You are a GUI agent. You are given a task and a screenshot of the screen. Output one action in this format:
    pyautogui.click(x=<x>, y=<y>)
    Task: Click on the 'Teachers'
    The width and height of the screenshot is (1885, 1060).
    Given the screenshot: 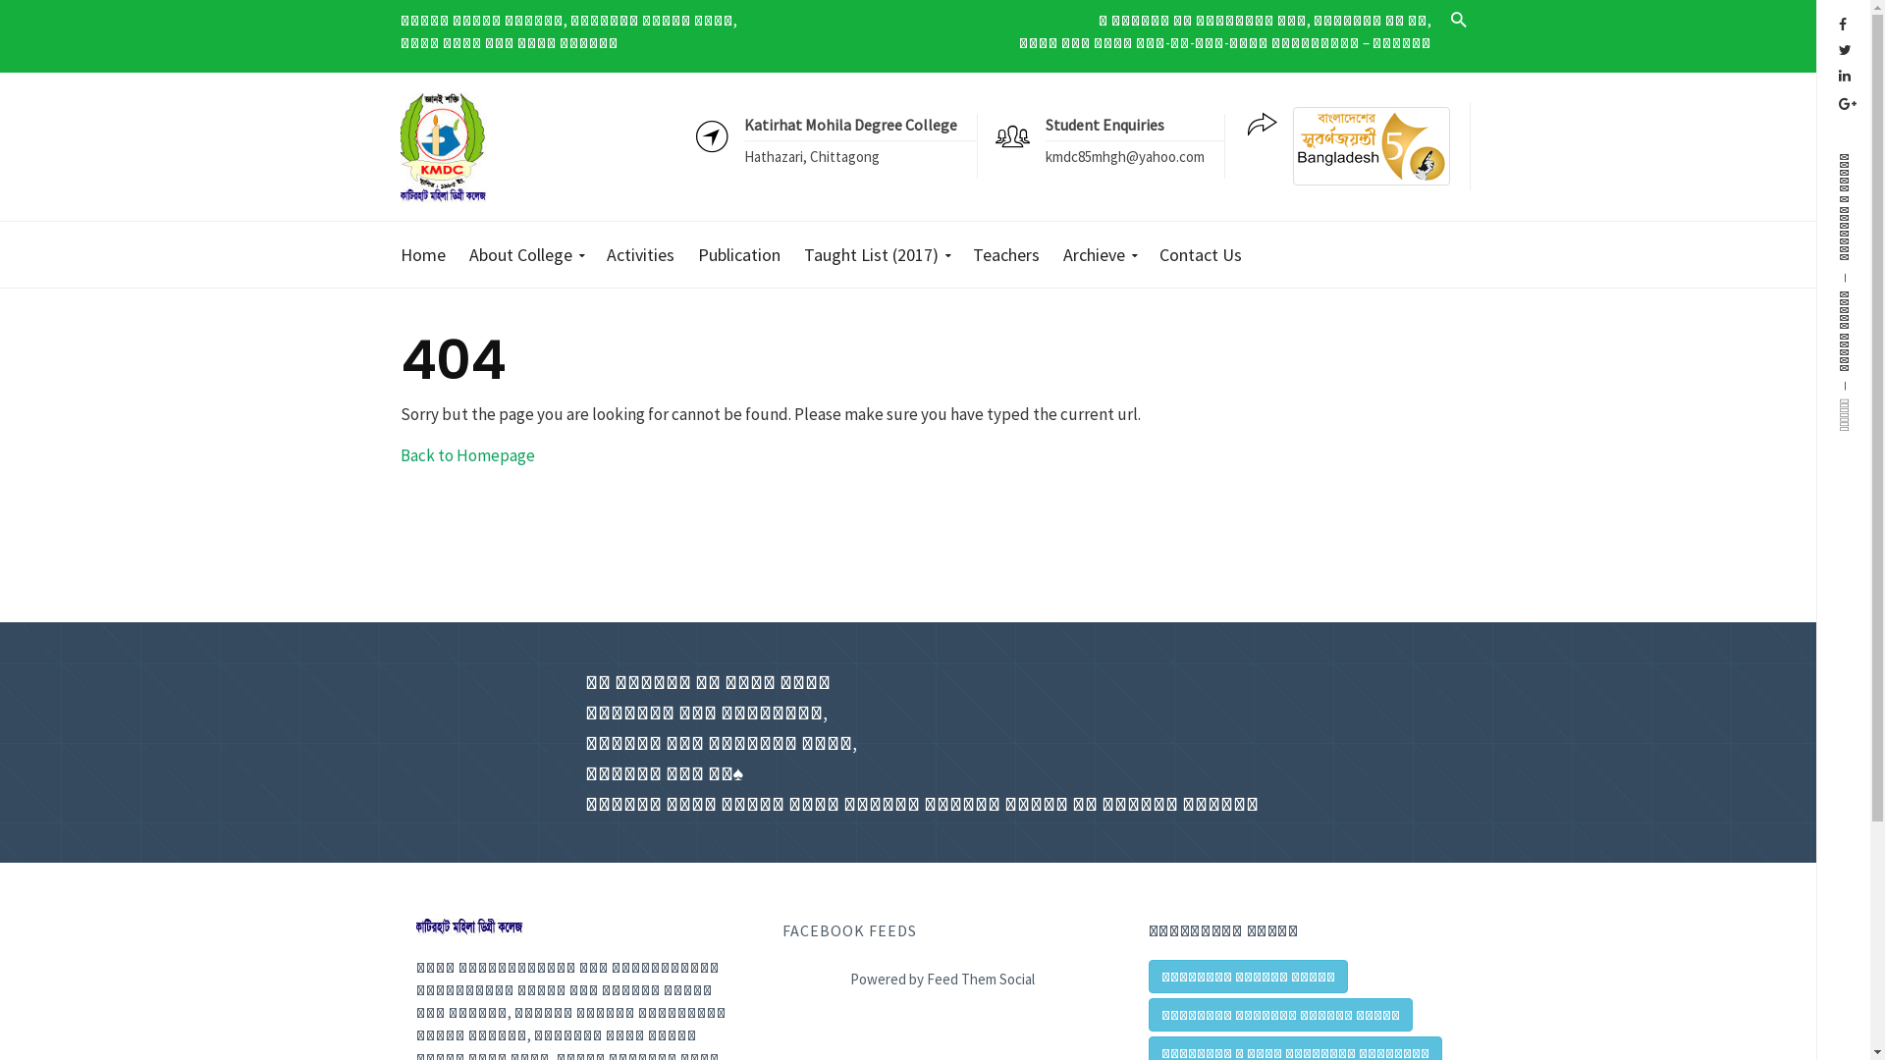 What is the action you would take?
    pyautogui.click(x=1006, y=253)
    